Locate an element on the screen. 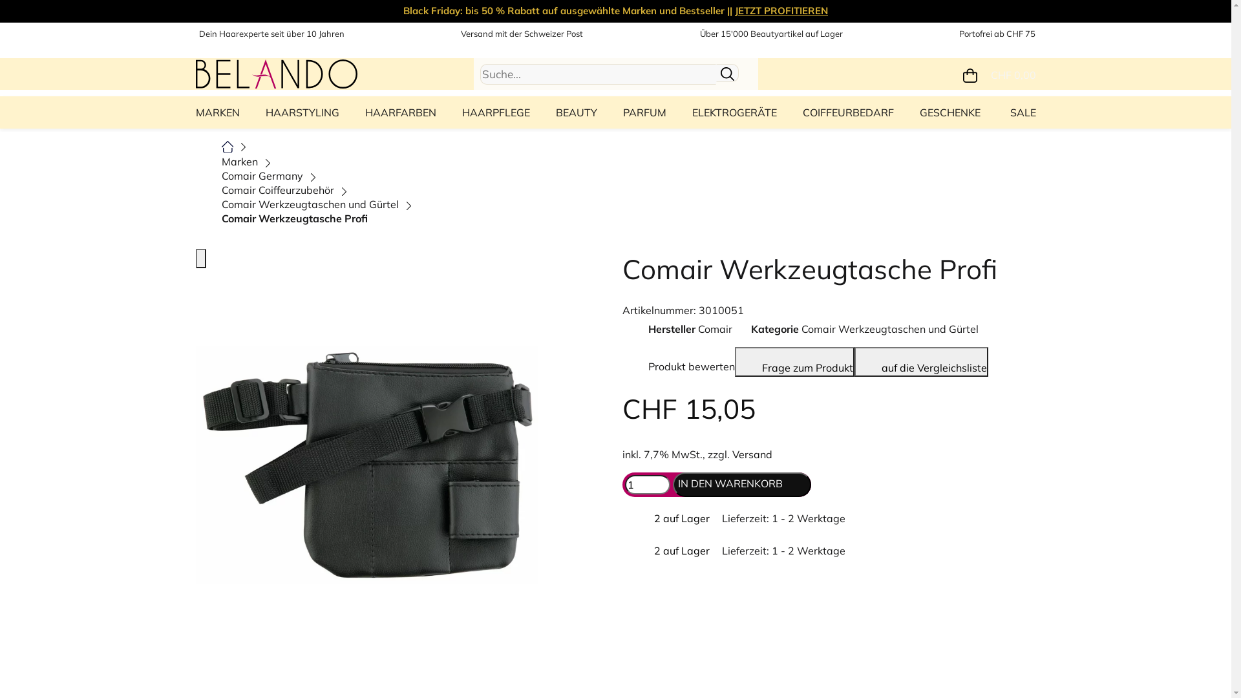 This screenshot has width=1241, height=698. 'Comair Germany' is located at coordinates (260, 176).